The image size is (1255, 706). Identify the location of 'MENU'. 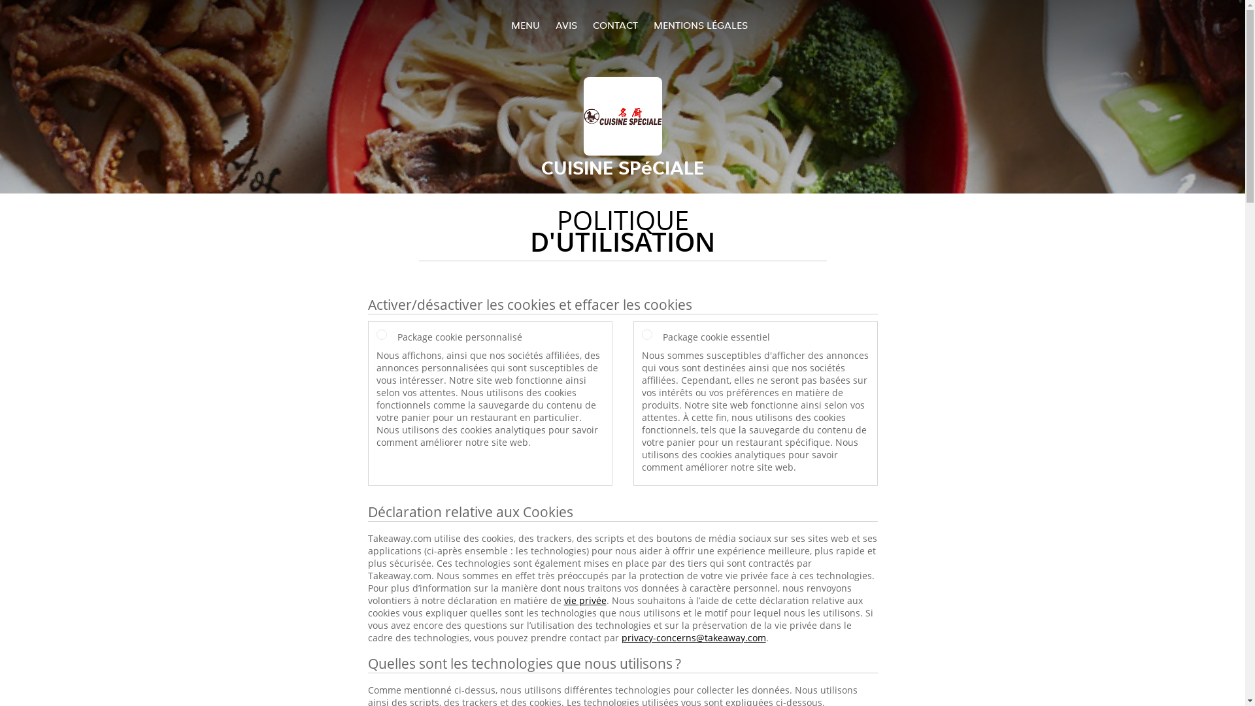
(526, 25).